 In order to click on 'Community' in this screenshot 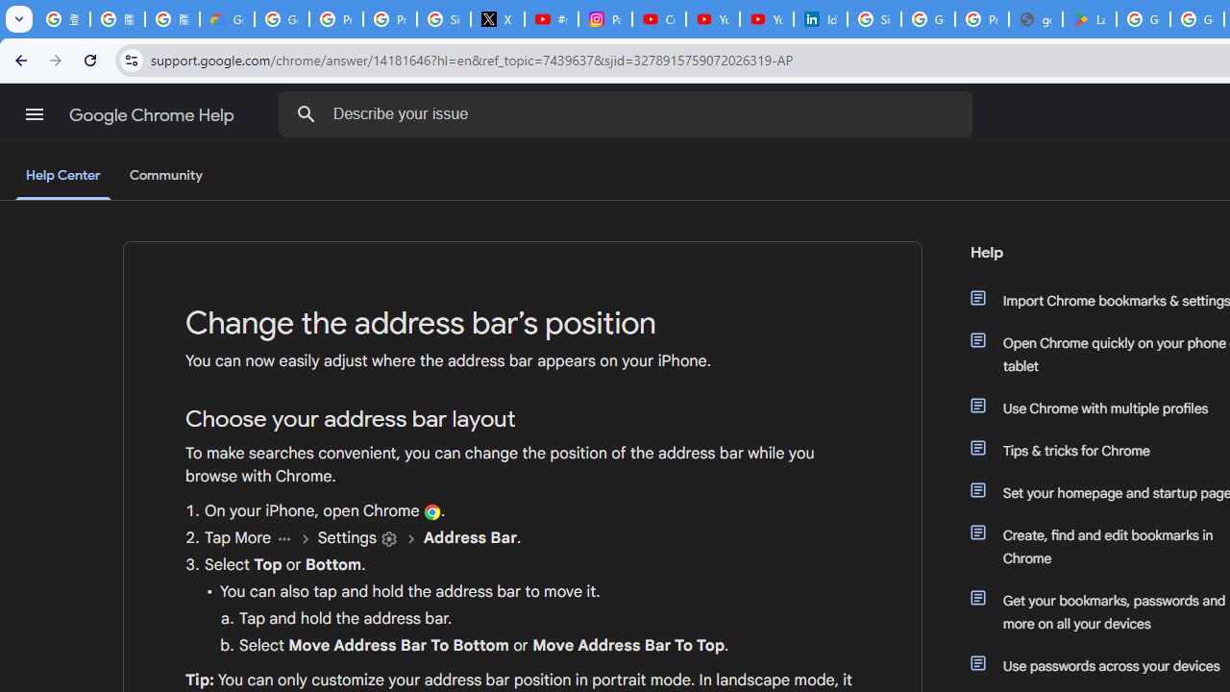, I will do `click(165, 176)`.